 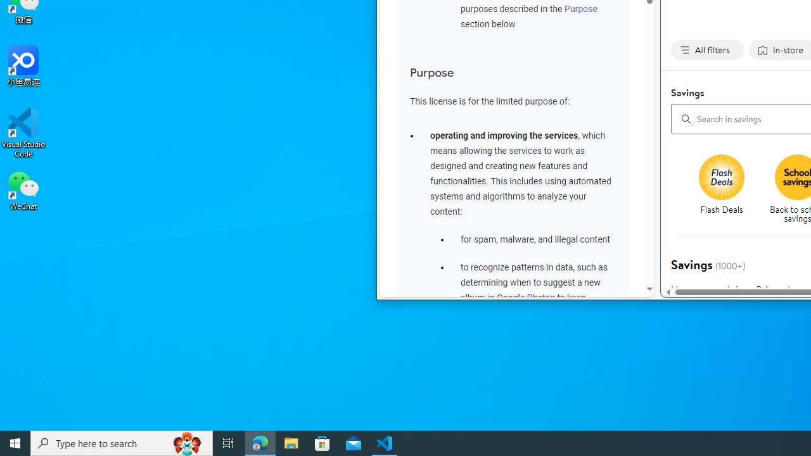 What do you see at coordinates (260, 442) in the screenshot?
I see `'Microsoft Edge - 1 running window'` at bounding box center [260, 442].